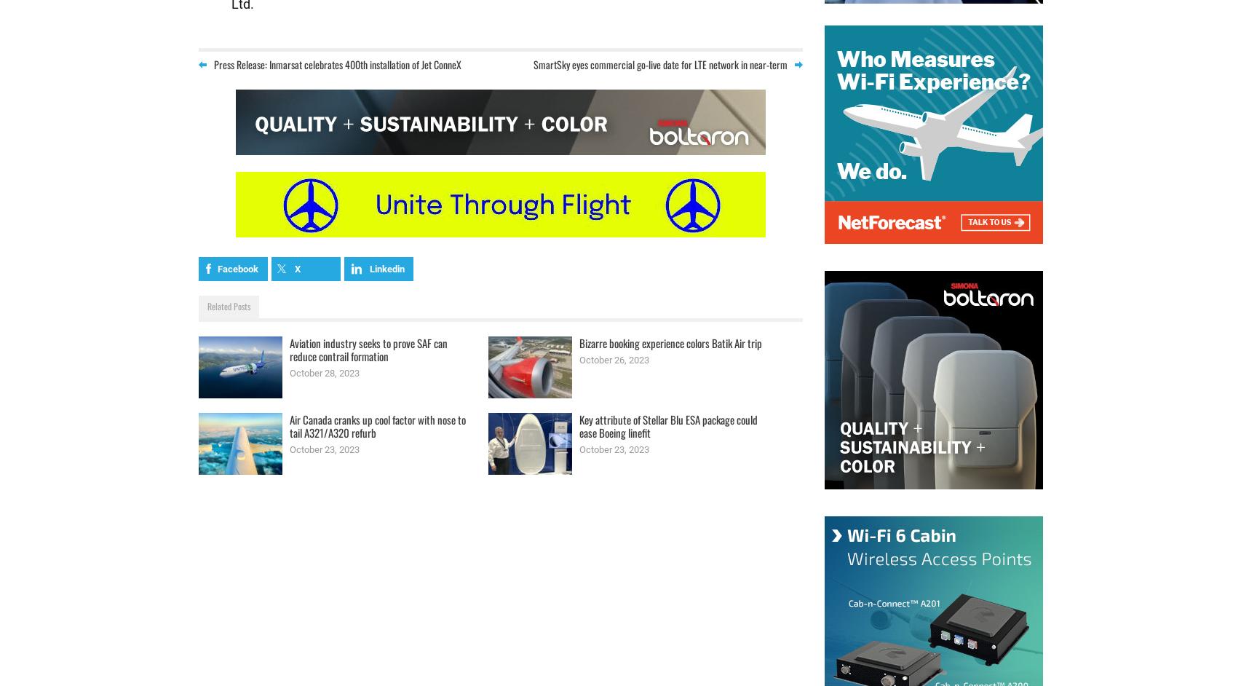 This screenshot has height=686, width=1241. I want to click on 'Linkedin', so click(385, 267).